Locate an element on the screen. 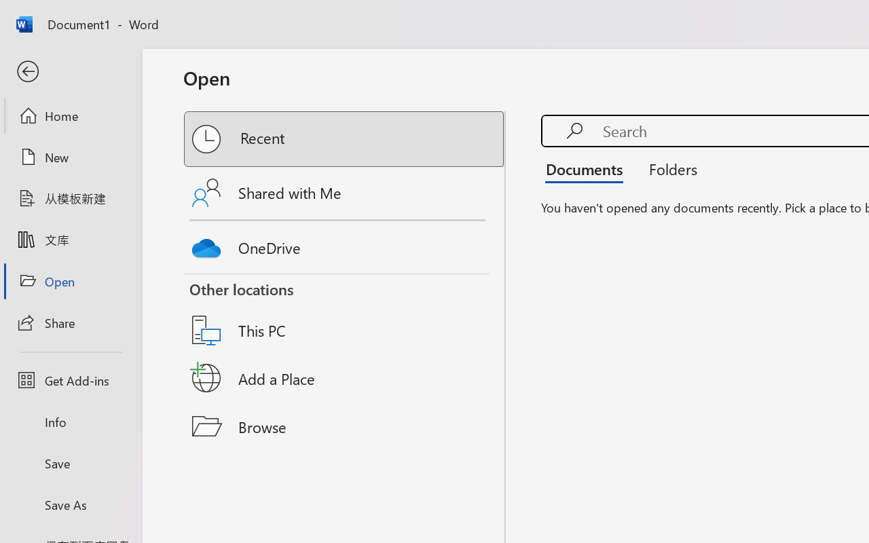 Image resolution: width=869 pixels, height=543 pixels. 'Browse' is located at coordinates (345, 426).